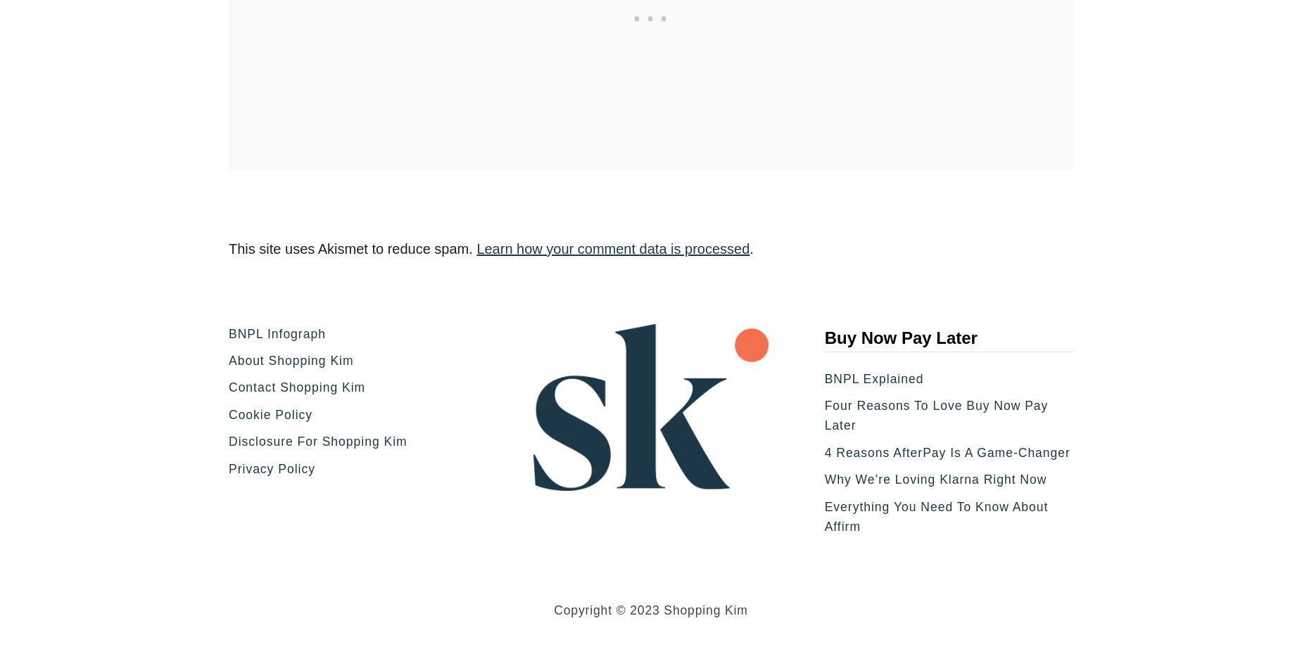 The width and height of the screenshot is (1302, 649). What do you see at coordinates (296, 387) in the screenshot?
I see `'Contact Shopping Kim'` at bounding box center [296, 387].